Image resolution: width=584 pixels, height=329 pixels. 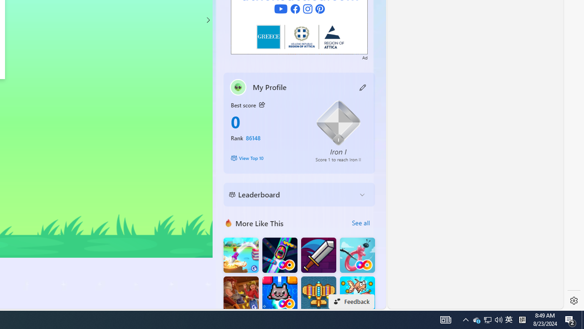 What do you see at coordinates (318, 294) in the screenshot?
I see `'Atlantic Sky Hunter'` at bounding box center [318, 294].